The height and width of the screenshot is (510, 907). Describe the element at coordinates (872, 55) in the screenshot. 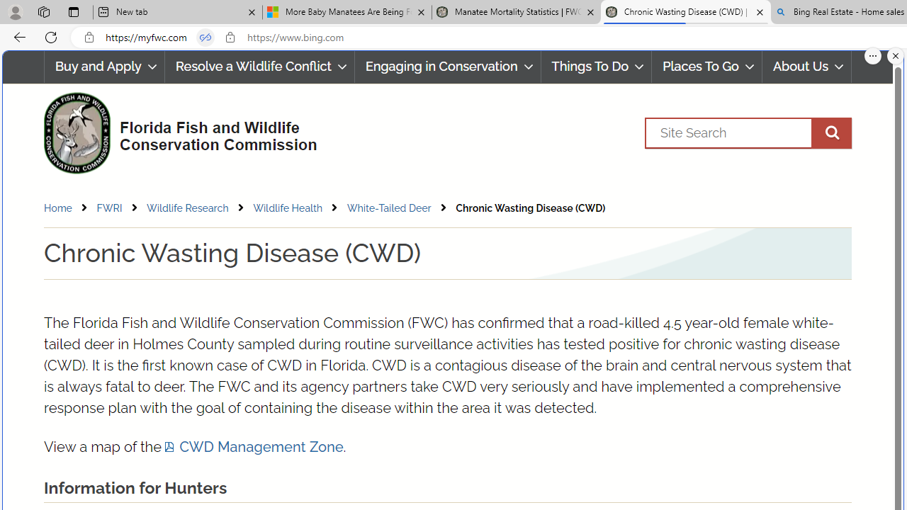

I see `'More options.'` at that location.